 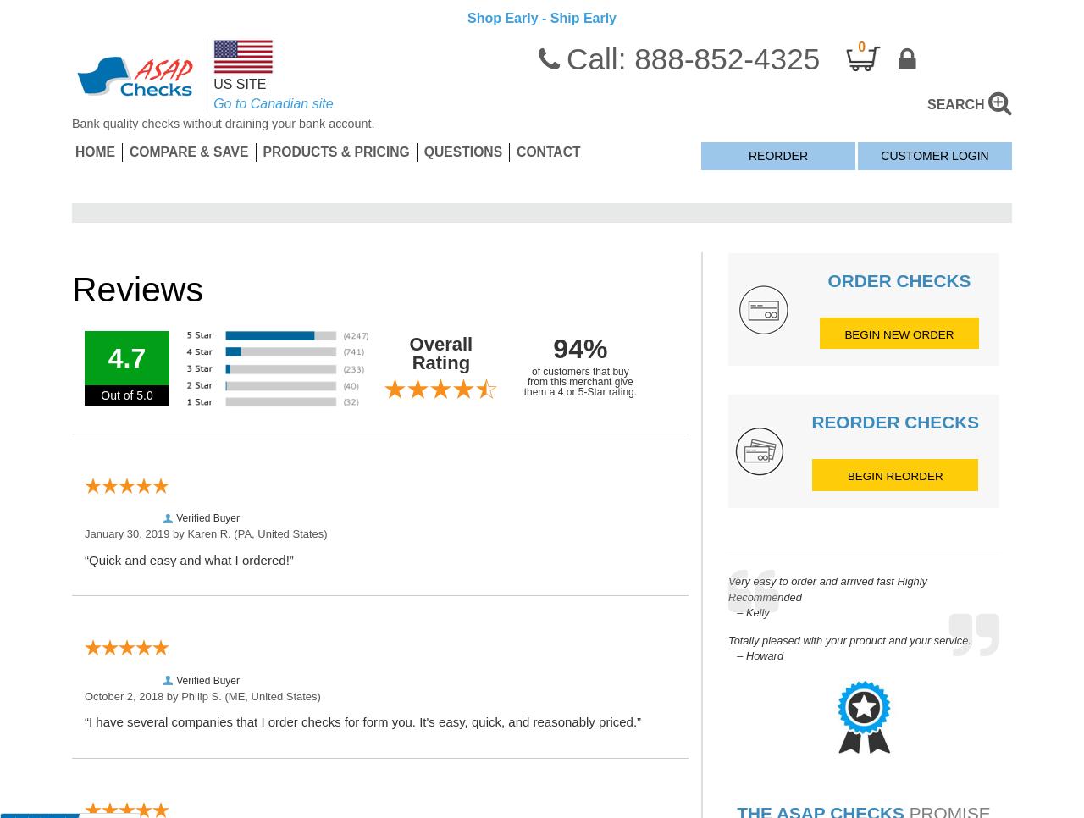 I want to click on 'Overall Rating', so click(x=408, y=352).